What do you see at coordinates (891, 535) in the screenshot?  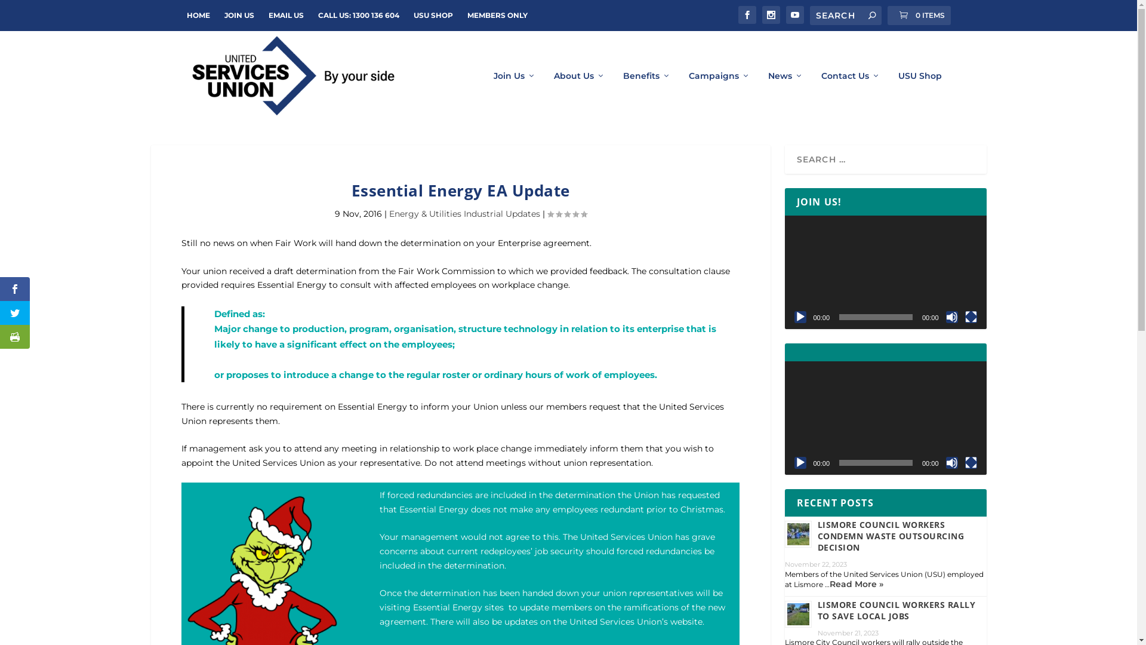 I see `'LISMORE COUNCIL WORKERS CONDEMN WASTE OUTSOURCING DECISION'` at bounding box center [891, 535].